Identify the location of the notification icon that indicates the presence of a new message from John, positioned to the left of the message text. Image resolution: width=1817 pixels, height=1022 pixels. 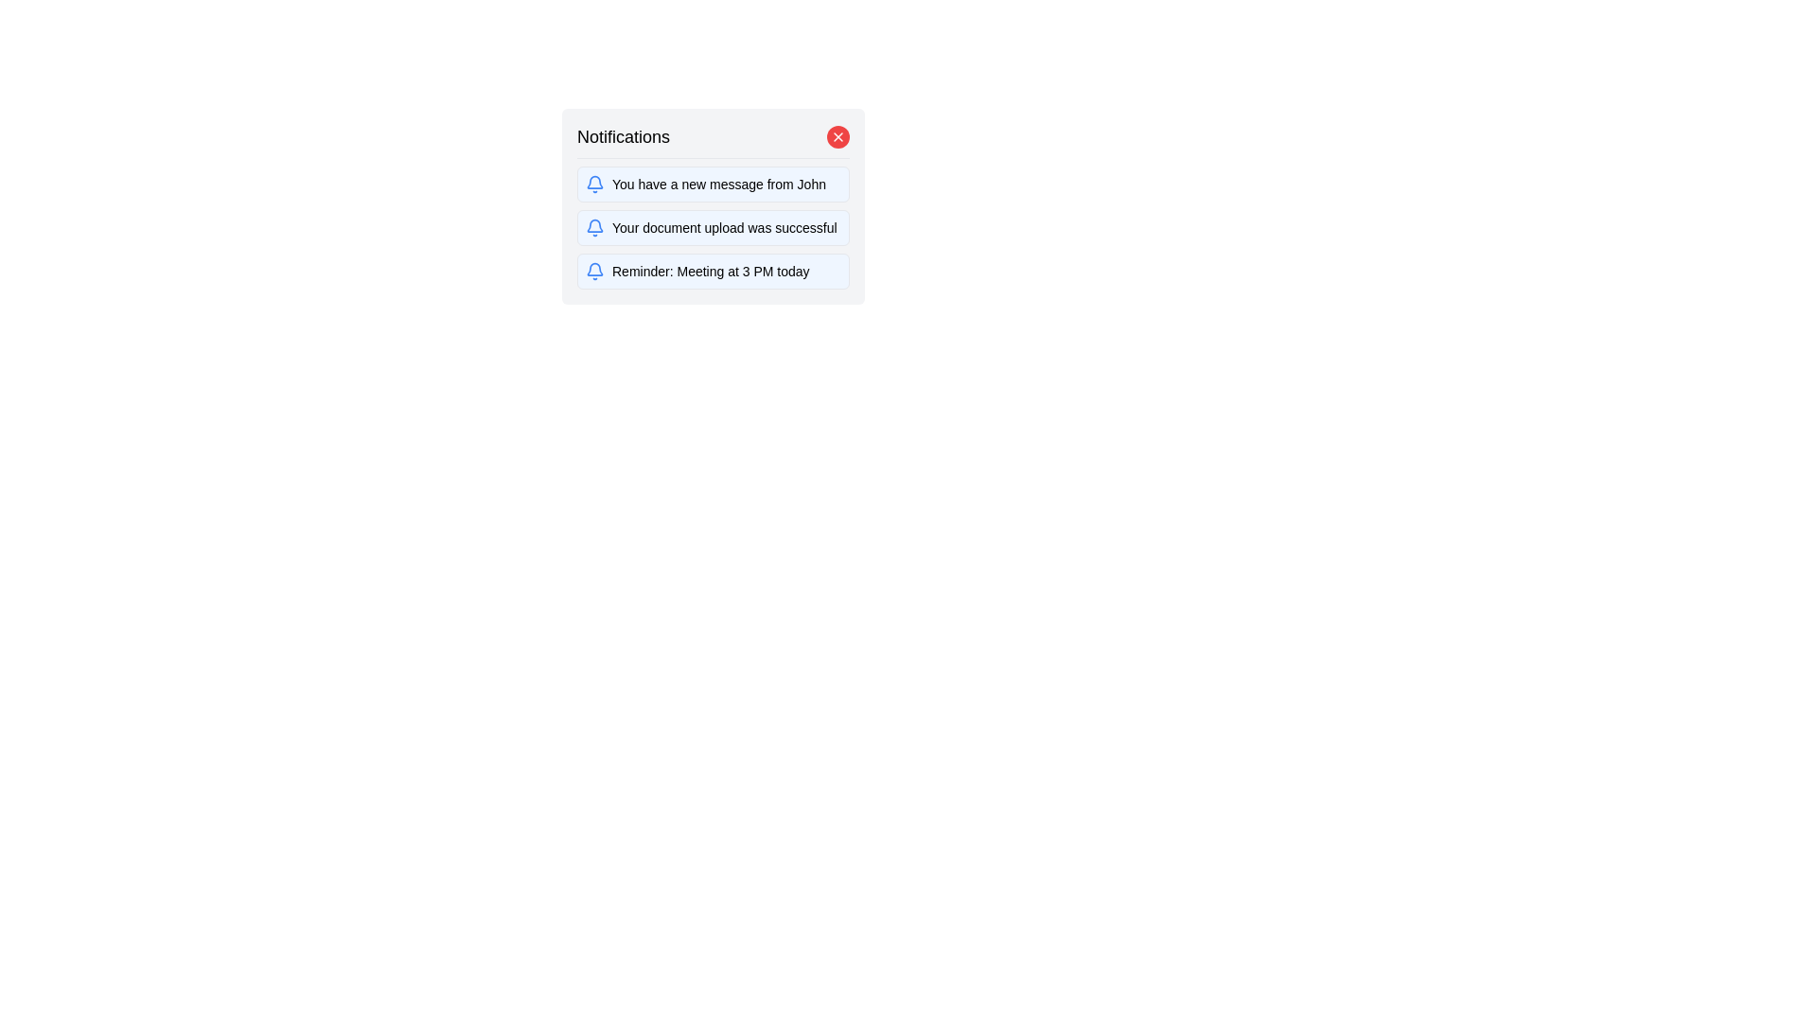
(593, 185).